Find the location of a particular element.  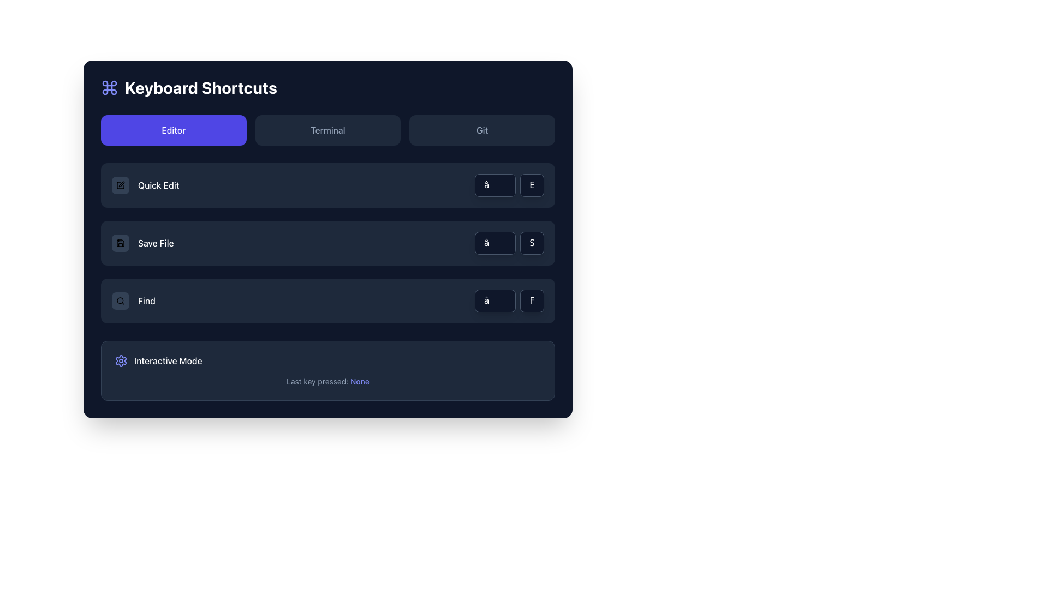

the 'Quick Edit' text label, which displays in white font color next to a pen icon on a dark background, located in the first row of the shortcut list under the 'Editor' tab is located at coordinates (158, 184).